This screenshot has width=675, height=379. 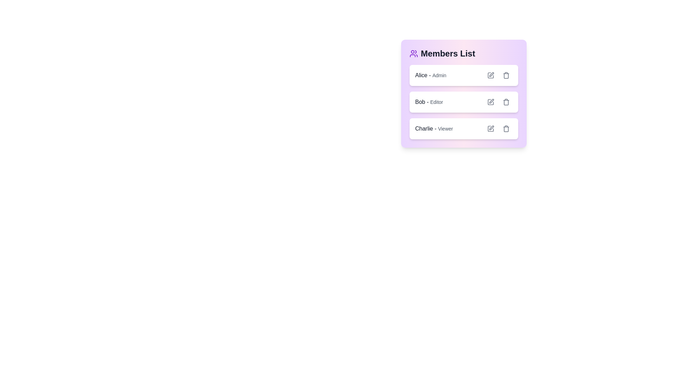 What do you see at coordinates (439, 75) in the screenshot?
I see `the word 'Admin' in the member details` at bounding box center [439, 75].